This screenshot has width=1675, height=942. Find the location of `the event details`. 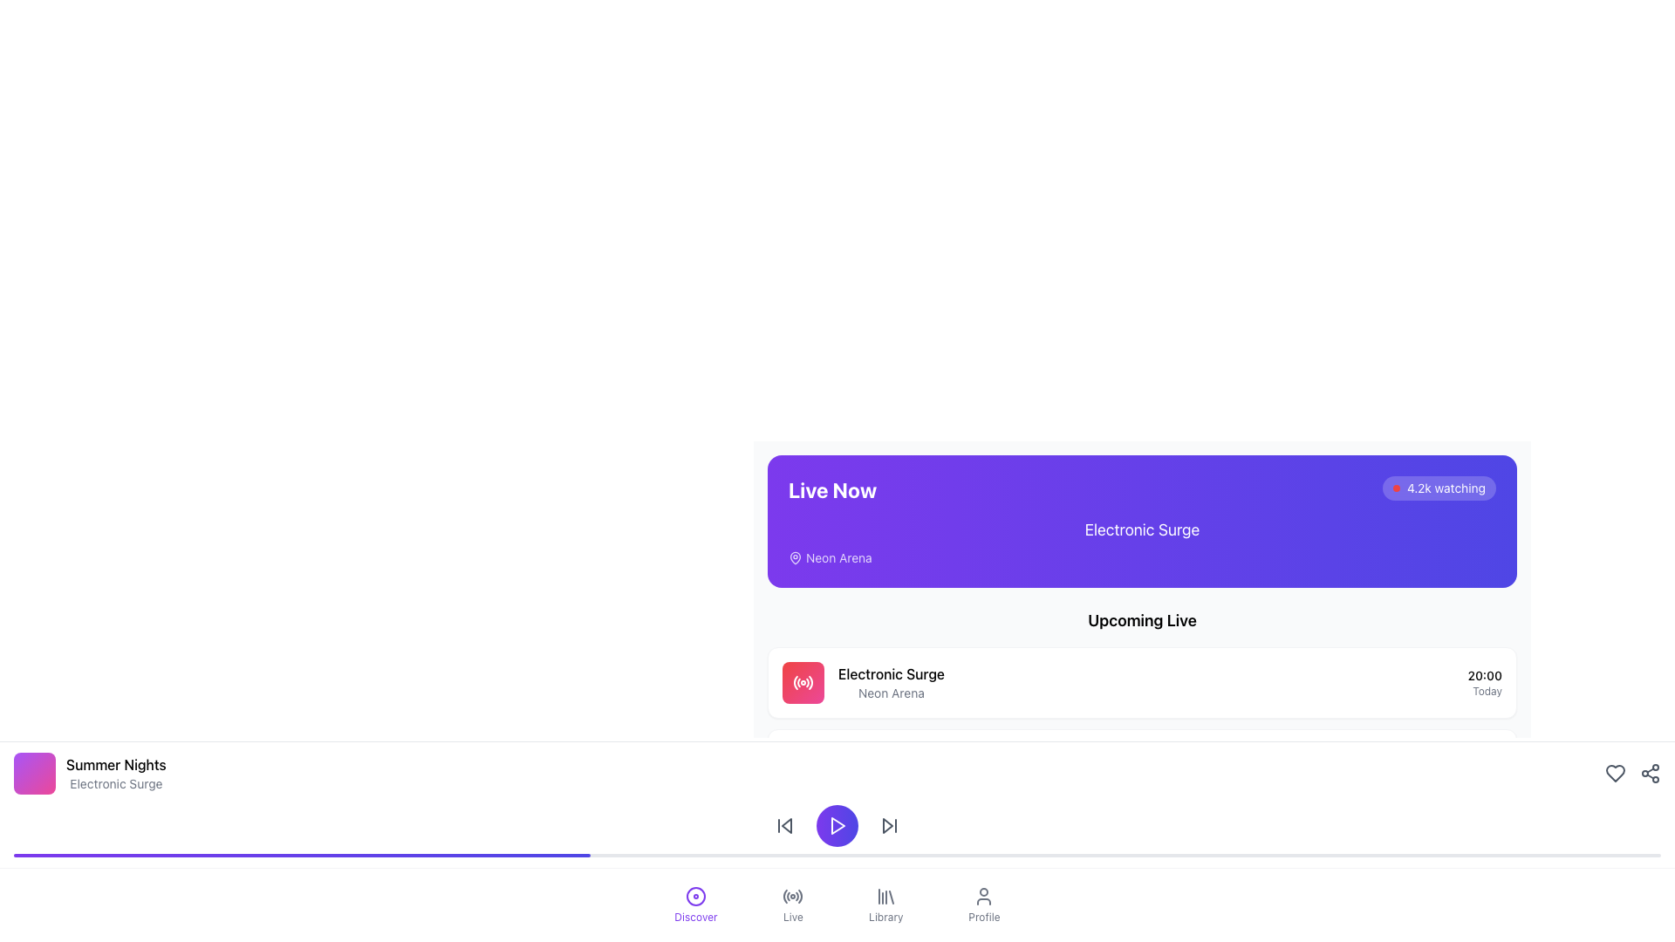

the event details is located at coordinates (892, 682).